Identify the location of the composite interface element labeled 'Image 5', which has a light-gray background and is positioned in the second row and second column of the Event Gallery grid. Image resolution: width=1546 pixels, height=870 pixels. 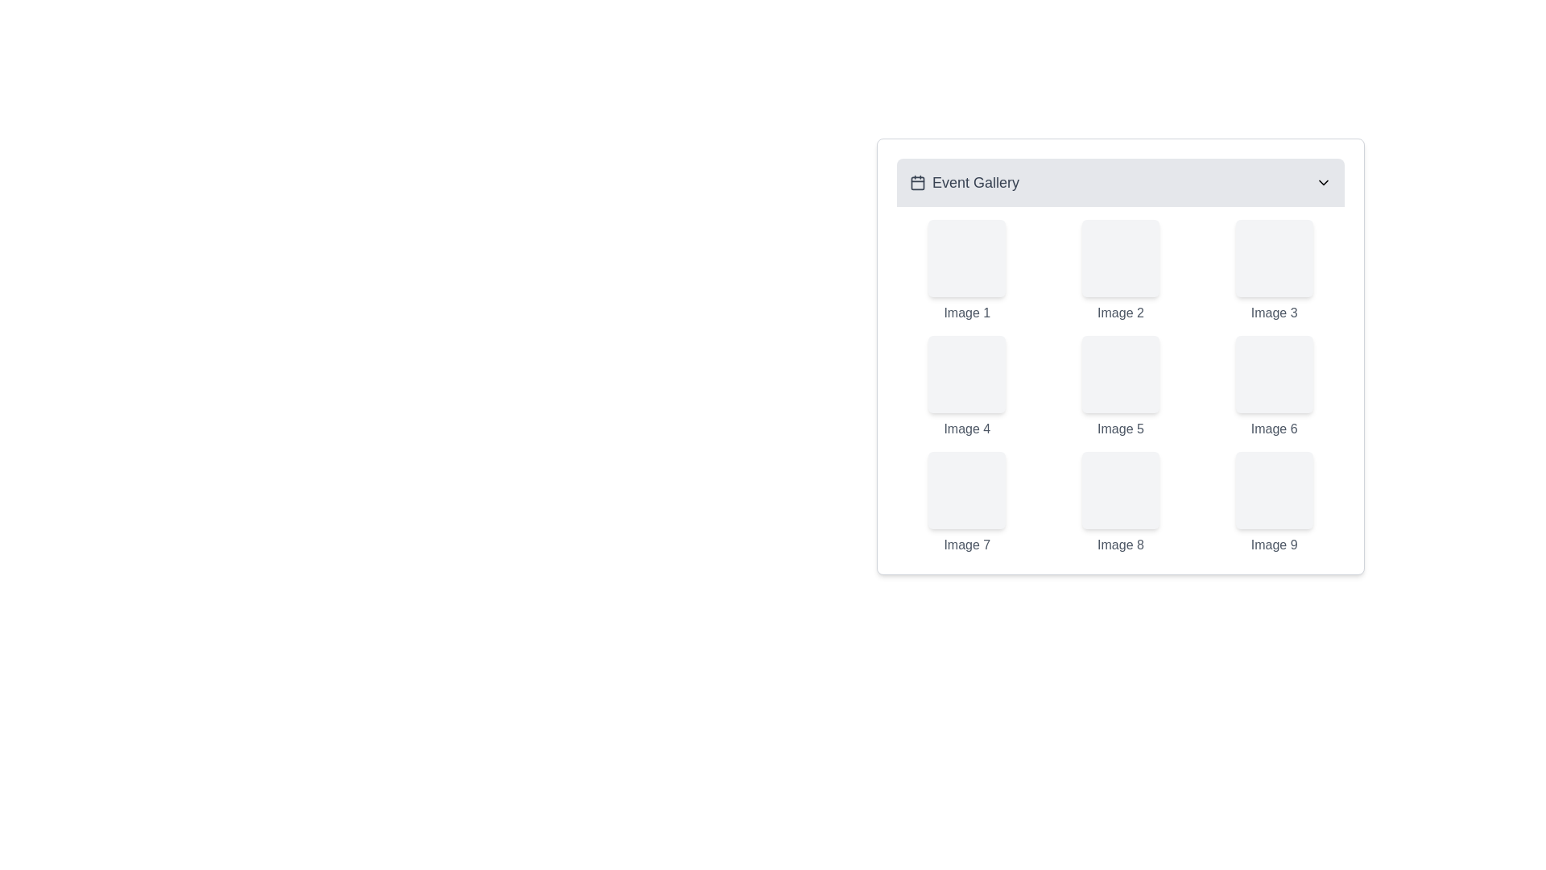
(1120, 387).